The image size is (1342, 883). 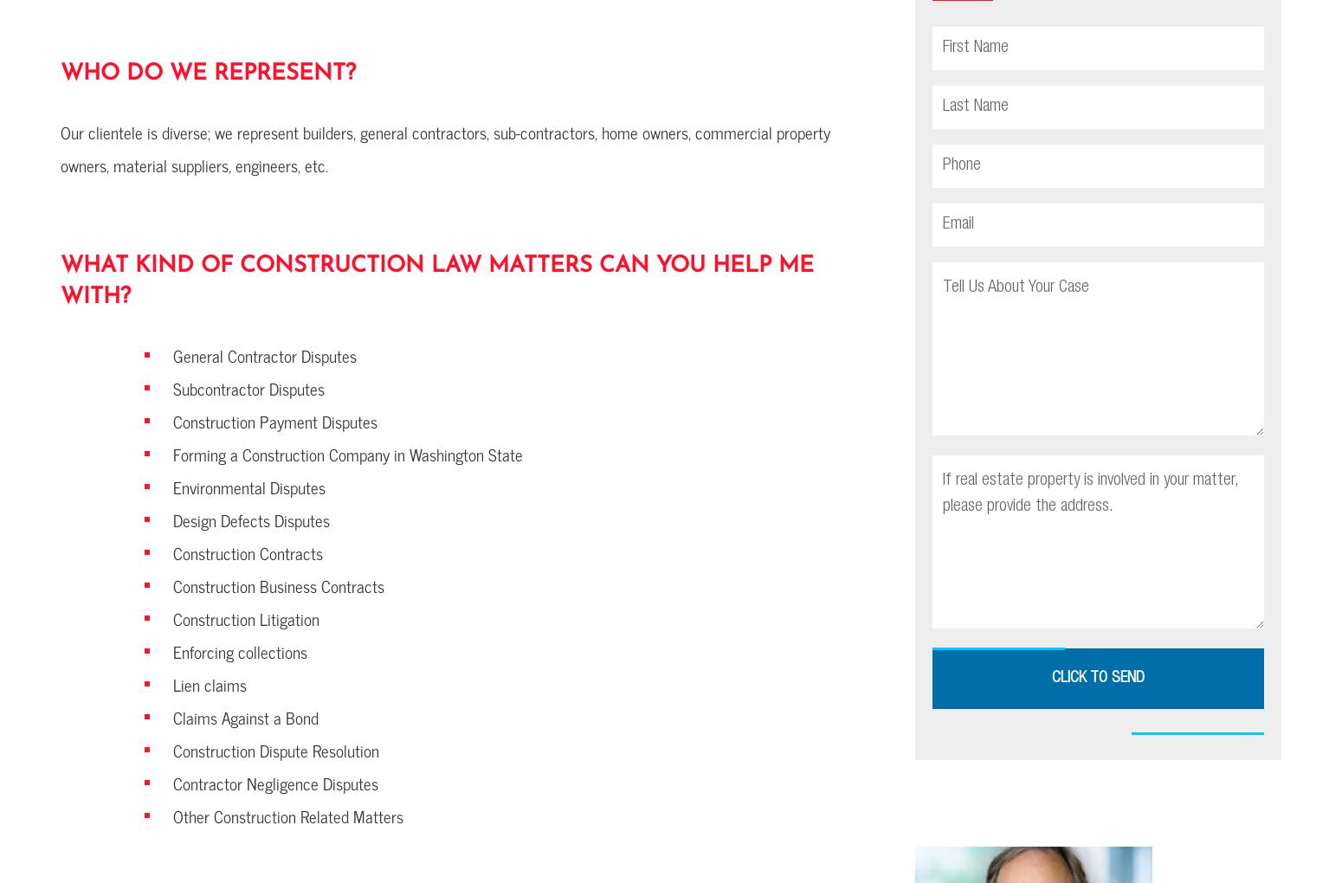 What do you see at coordinates (274, 749) in the screenshot?
I see `'Construction Dispute Resolution'` at bounding box center [274, 749].